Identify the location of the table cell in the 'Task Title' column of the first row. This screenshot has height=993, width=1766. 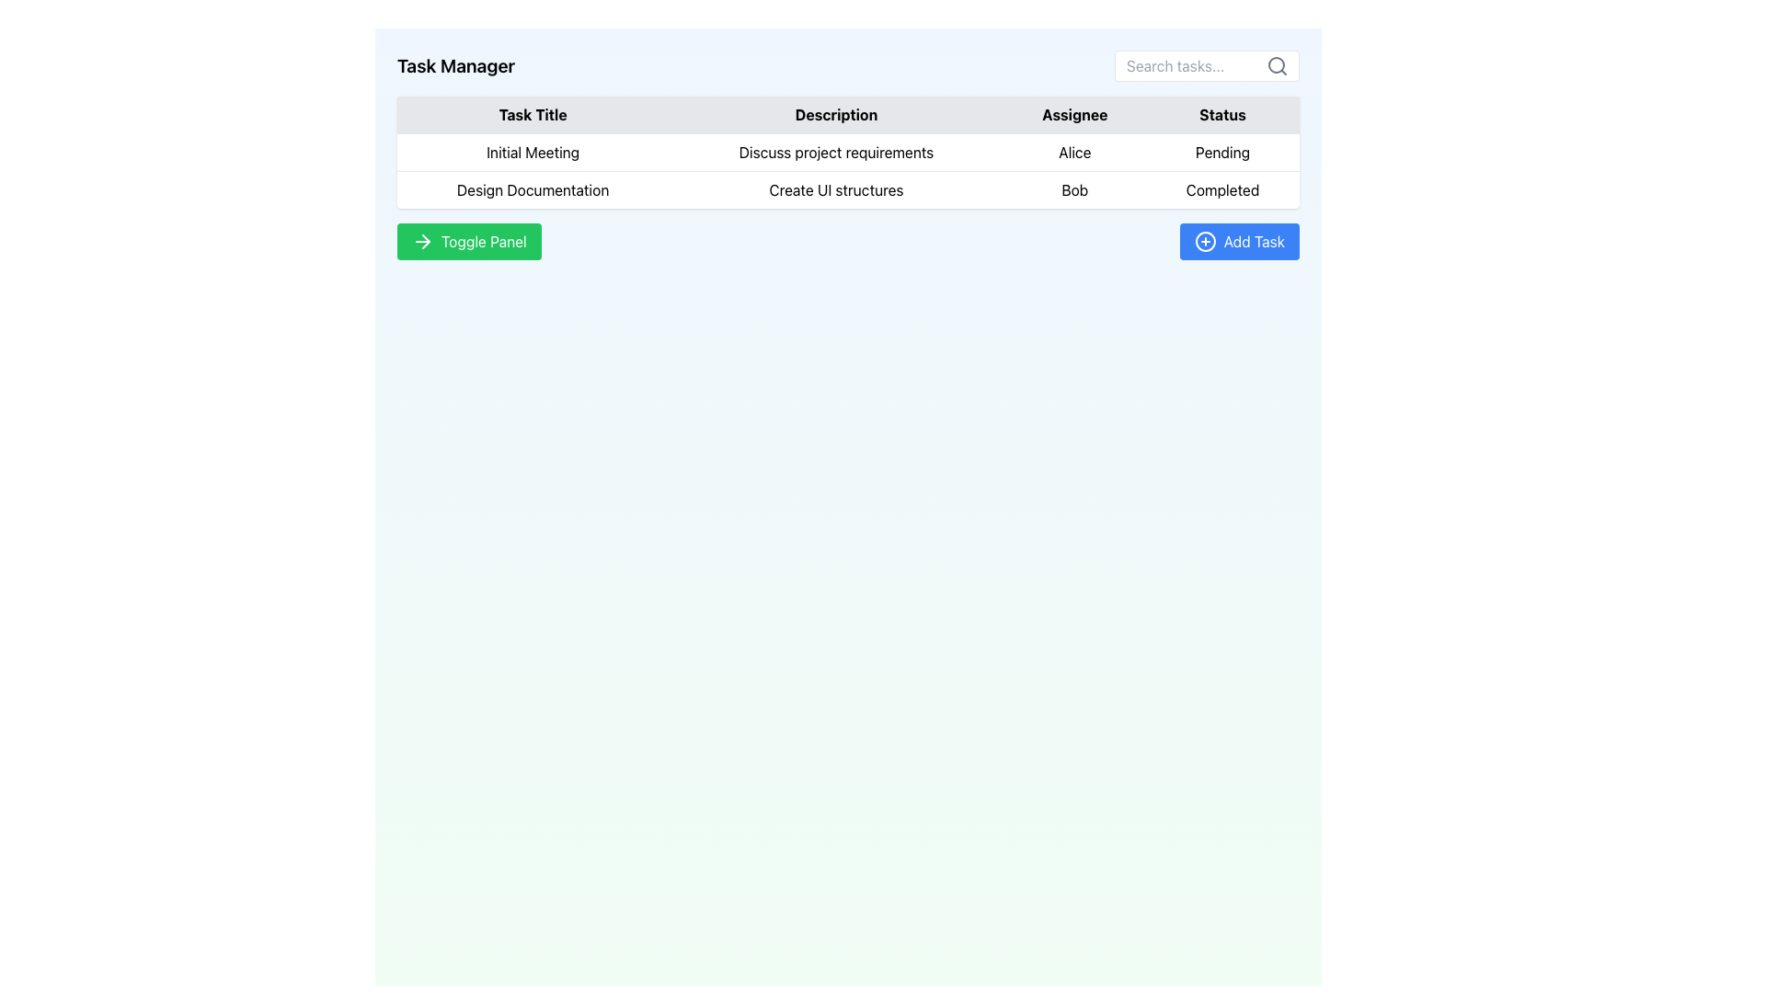
(532, 151).